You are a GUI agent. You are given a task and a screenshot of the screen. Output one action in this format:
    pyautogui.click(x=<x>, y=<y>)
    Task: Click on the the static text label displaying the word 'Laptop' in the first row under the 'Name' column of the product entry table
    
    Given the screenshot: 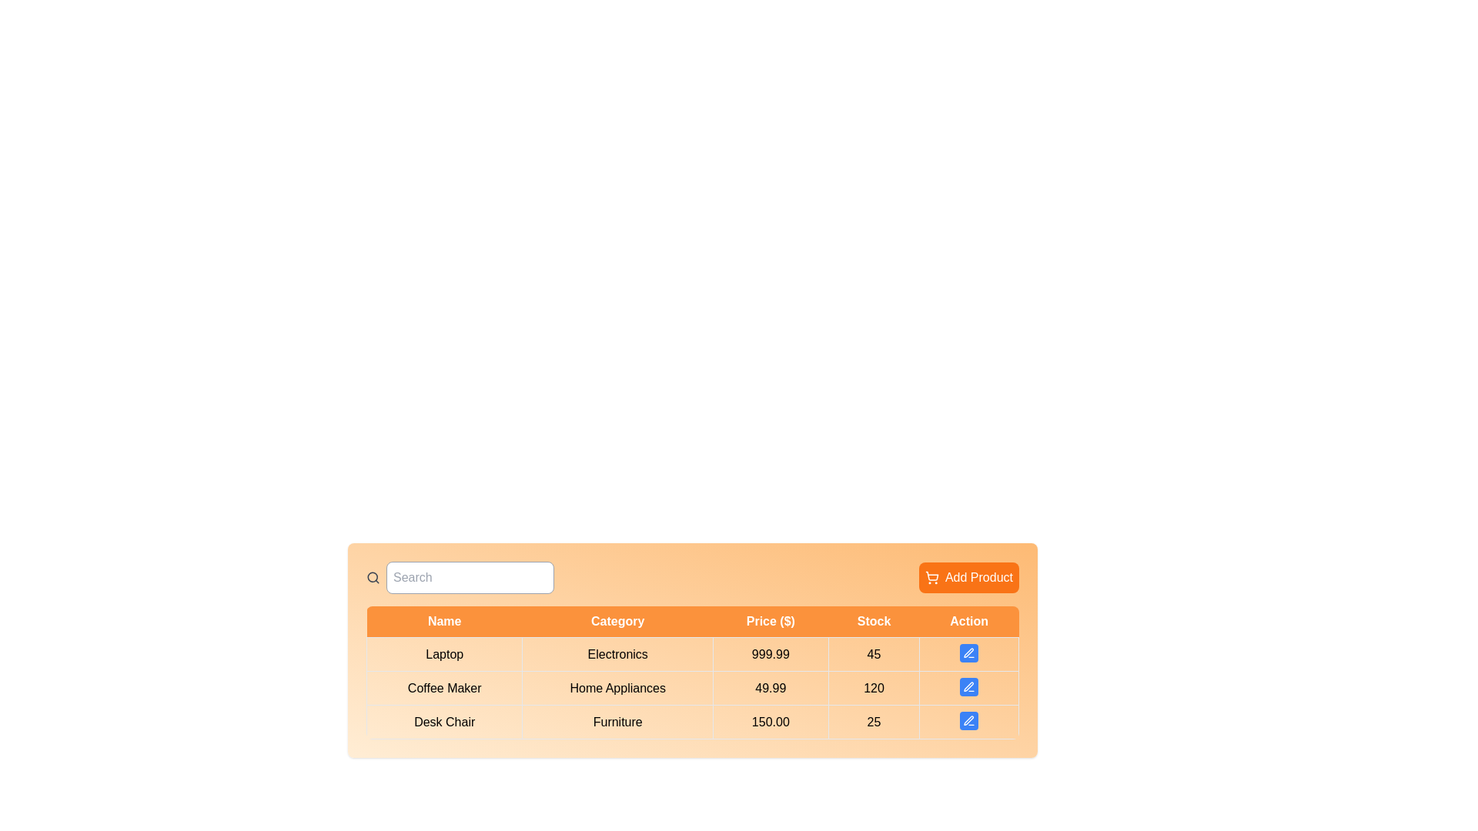 What is the action you would take?
    pyautogui.click(x=443, y=654)
    